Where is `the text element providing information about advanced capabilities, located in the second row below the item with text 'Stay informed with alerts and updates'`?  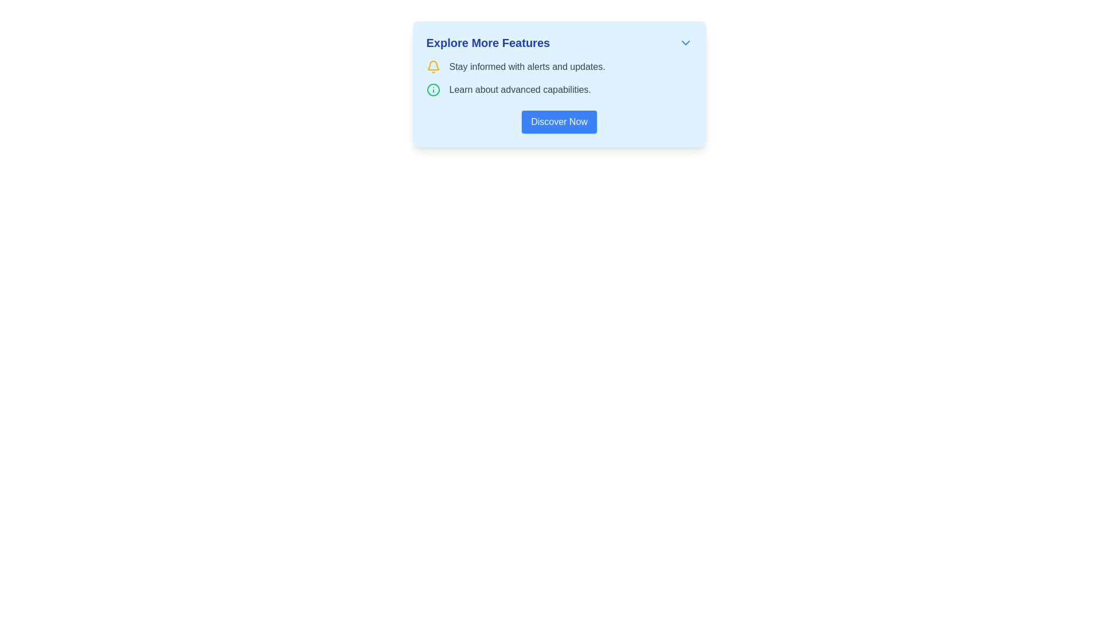
the text element providing information about advanced capabilities, located in the second row below the item with text 'Stay informed with alerts and updates' is located at coordinates (559, 89).